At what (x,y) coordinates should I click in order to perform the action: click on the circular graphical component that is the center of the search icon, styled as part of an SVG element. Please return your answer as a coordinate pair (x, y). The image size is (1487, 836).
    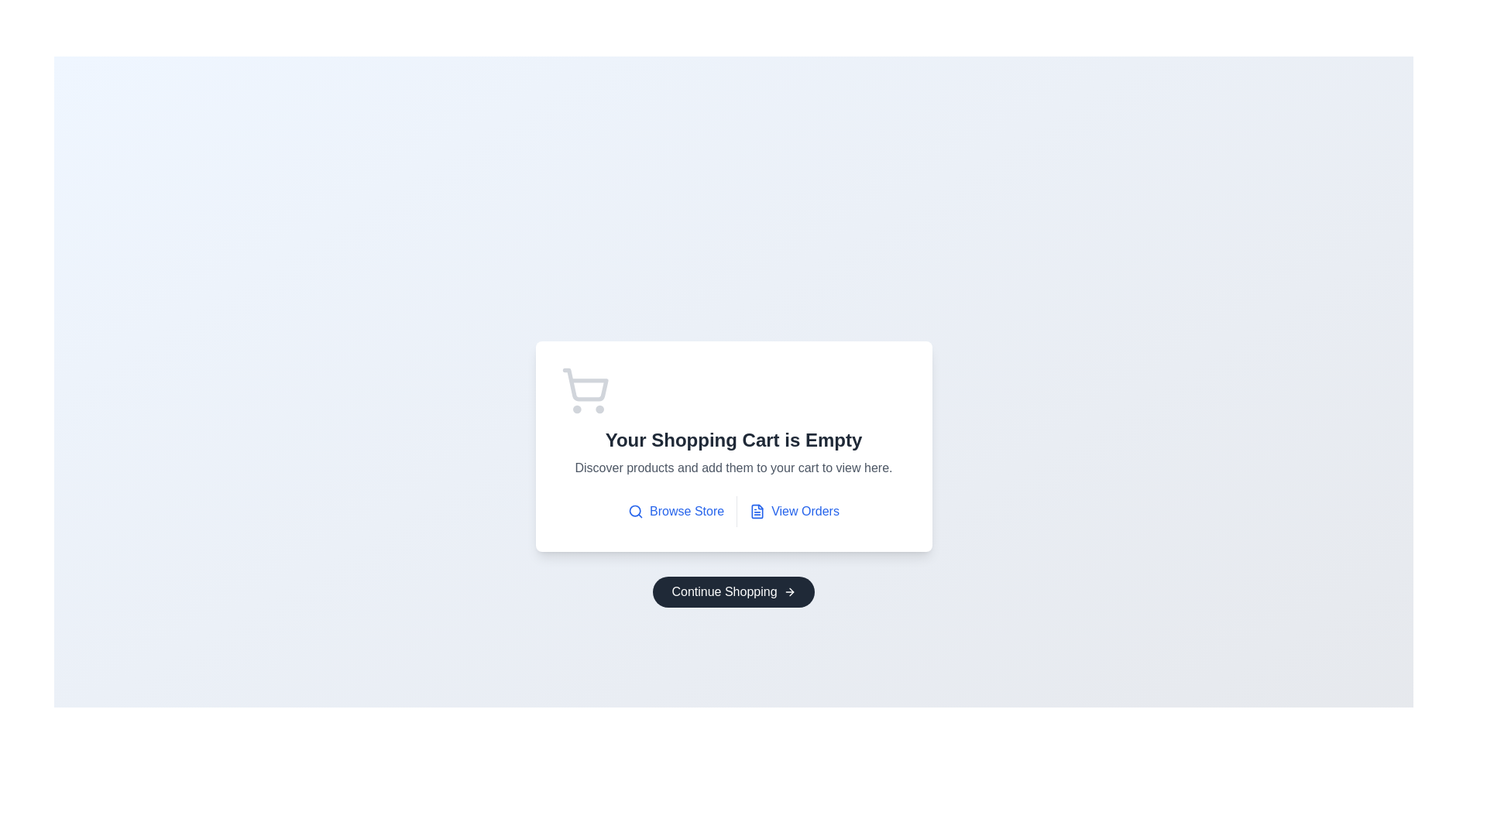
    Looking at the image, I should click on (635, 511).